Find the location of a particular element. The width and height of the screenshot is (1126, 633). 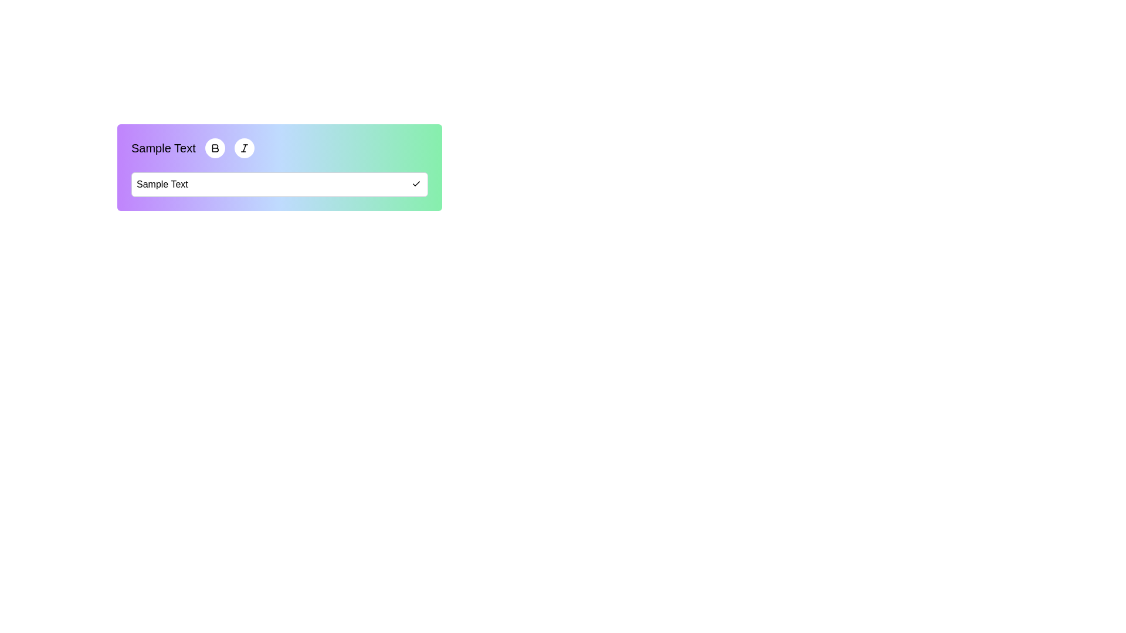

the bold formatting button, which is the second button in a sequence of formatting options is located at coordinates (215, 148).